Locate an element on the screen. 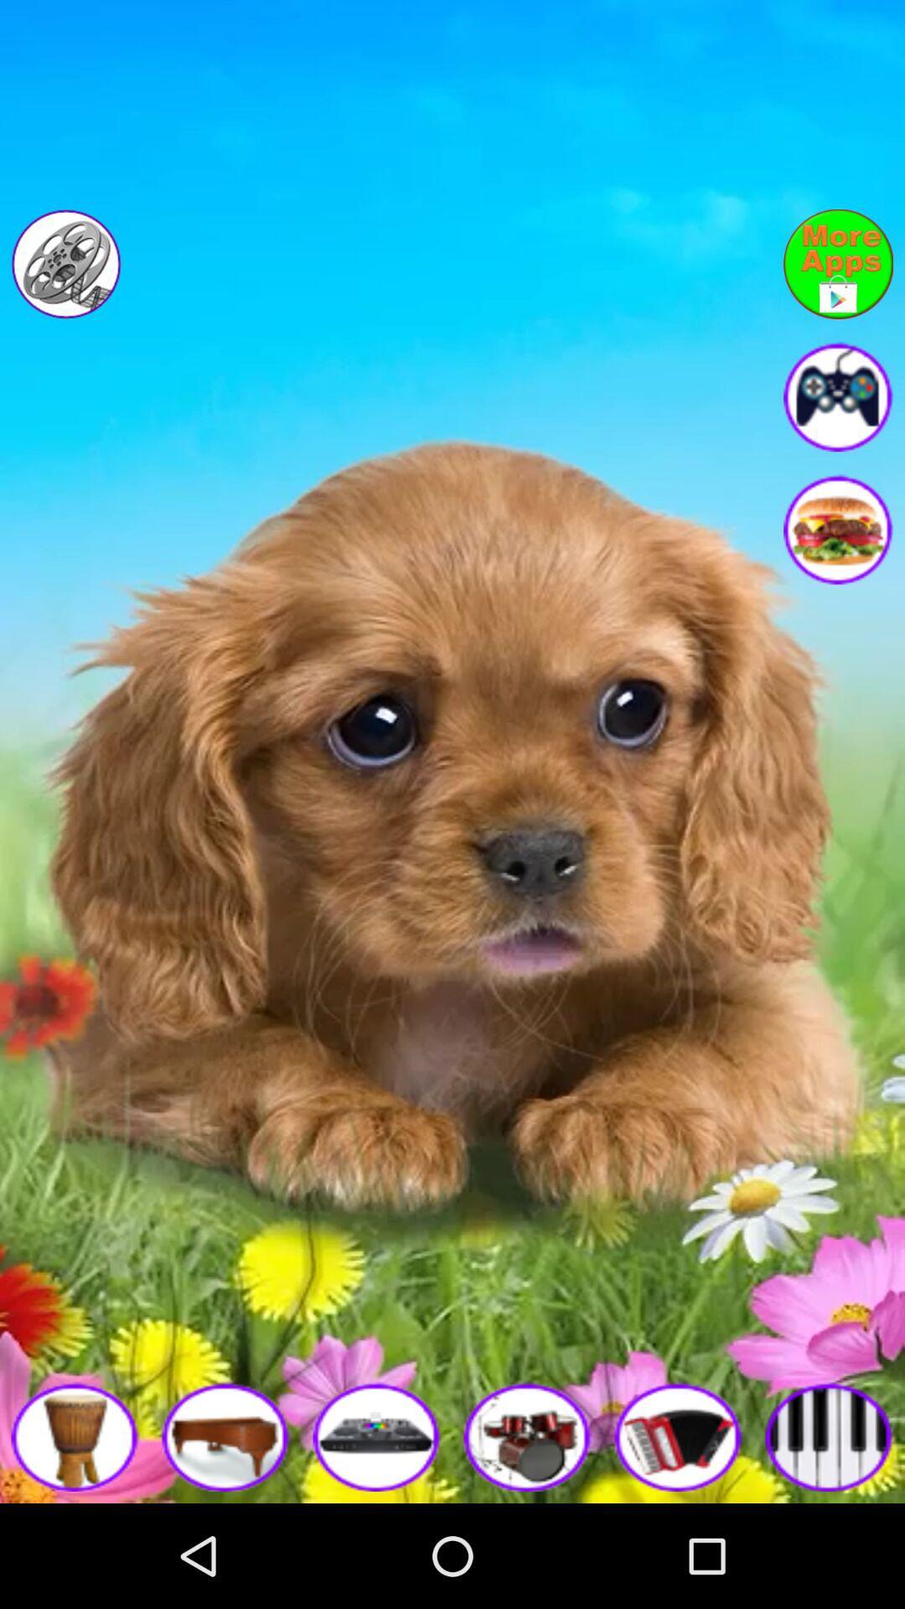 This screenshot has height=1609, width=905. movies is located at coordinates (65, 263).